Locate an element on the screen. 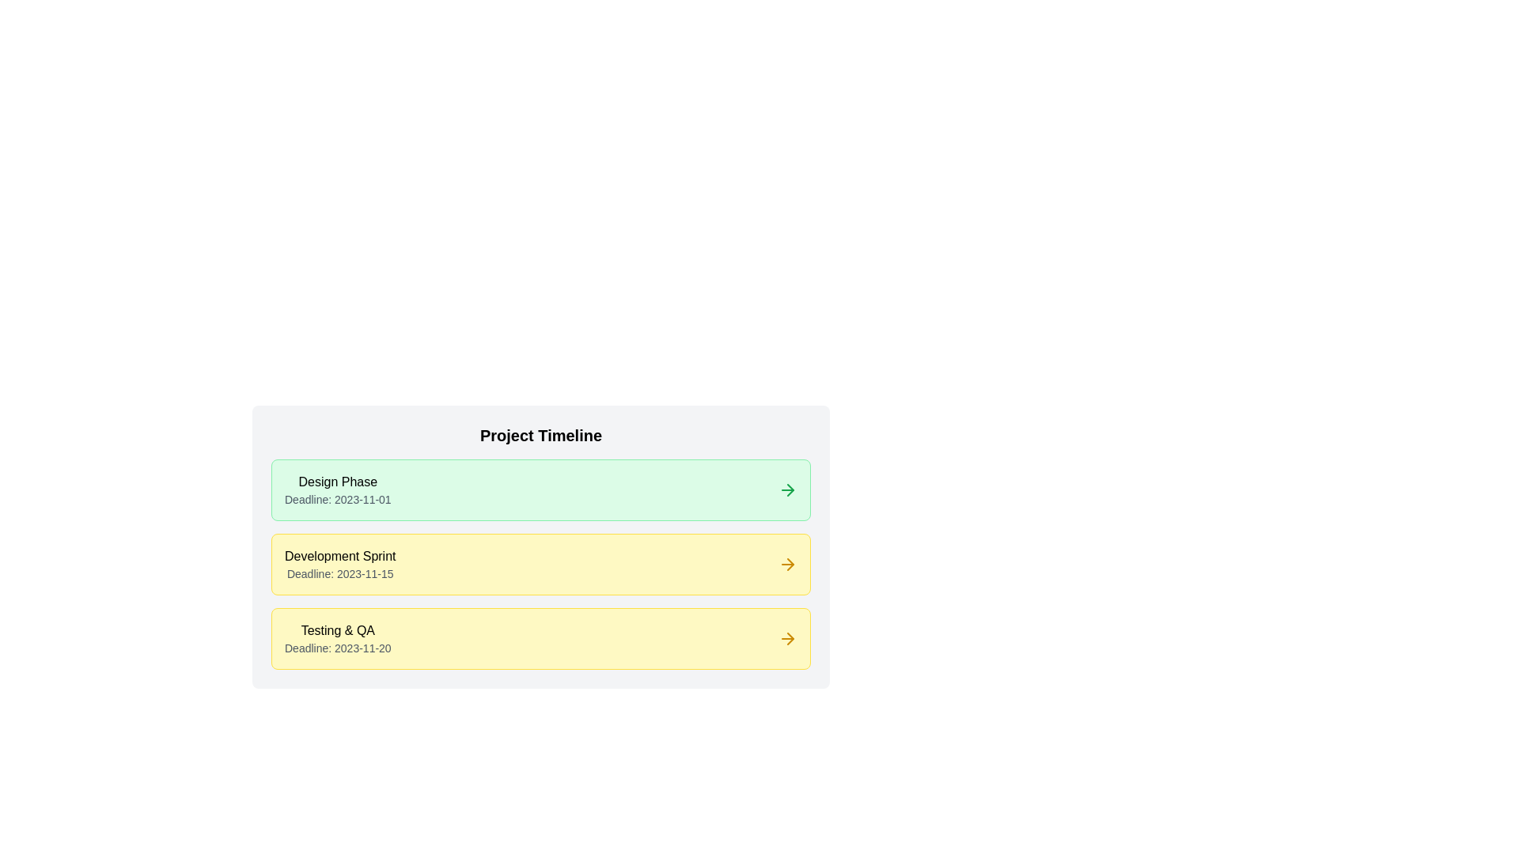  Text Label that serves as a descriptive title for its associated card in the project timeline section, located below the 'Project Timeline' title is located at coordinates (337, 481).